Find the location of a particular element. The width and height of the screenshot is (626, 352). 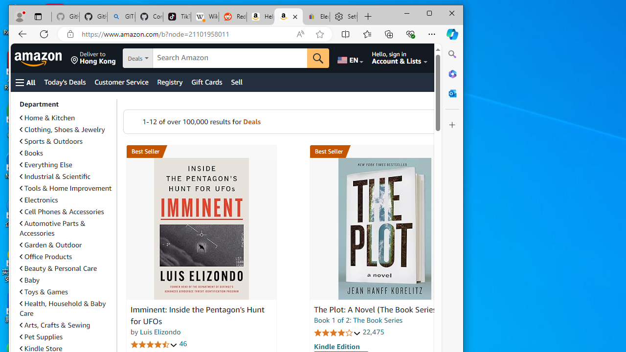

'Clothing, Shoes & Jewelry' is located at coordinates (62, 129).